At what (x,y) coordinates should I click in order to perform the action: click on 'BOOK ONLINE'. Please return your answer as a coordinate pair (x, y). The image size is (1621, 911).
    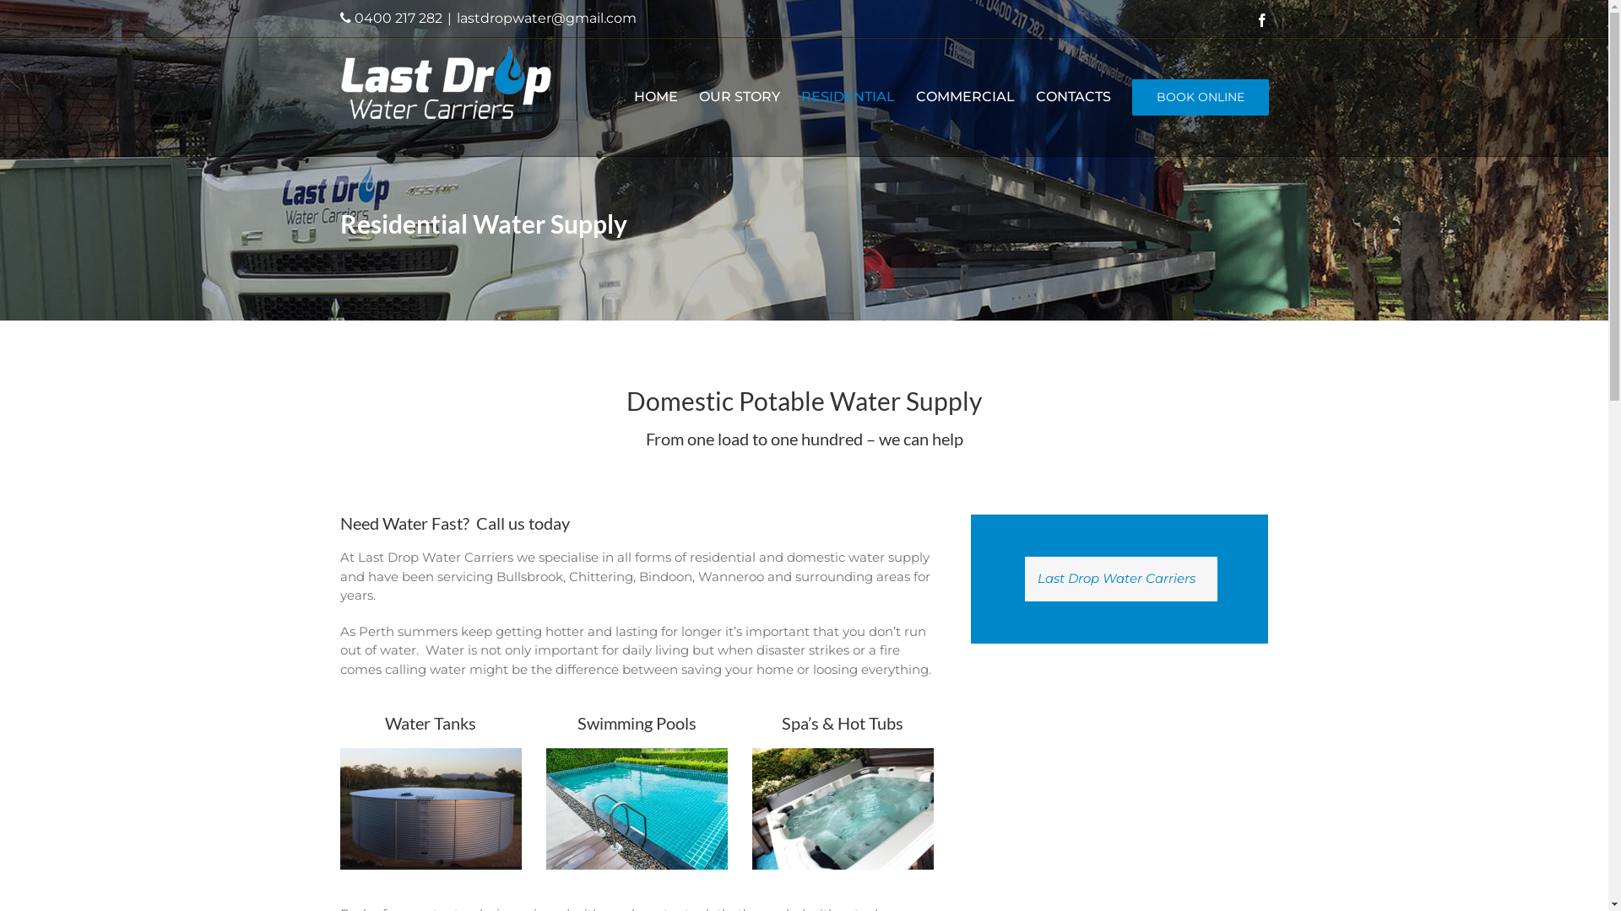
    Looking at the image, I should click on (1198, 97).